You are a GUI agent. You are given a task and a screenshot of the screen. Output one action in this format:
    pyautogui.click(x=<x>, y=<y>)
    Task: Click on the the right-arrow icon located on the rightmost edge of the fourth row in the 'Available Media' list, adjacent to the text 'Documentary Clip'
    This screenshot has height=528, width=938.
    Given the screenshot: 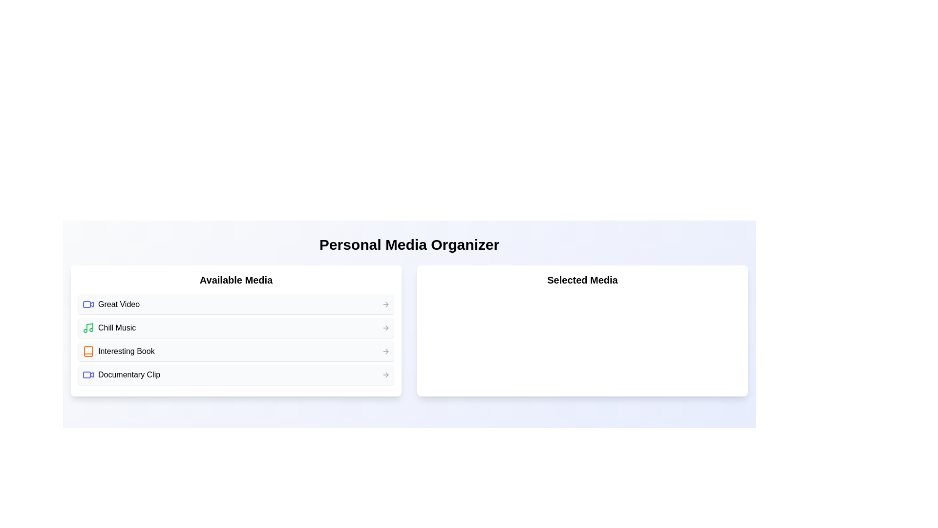 What is the action you would take?
    pyautogui.click(x=385, y=374)
    